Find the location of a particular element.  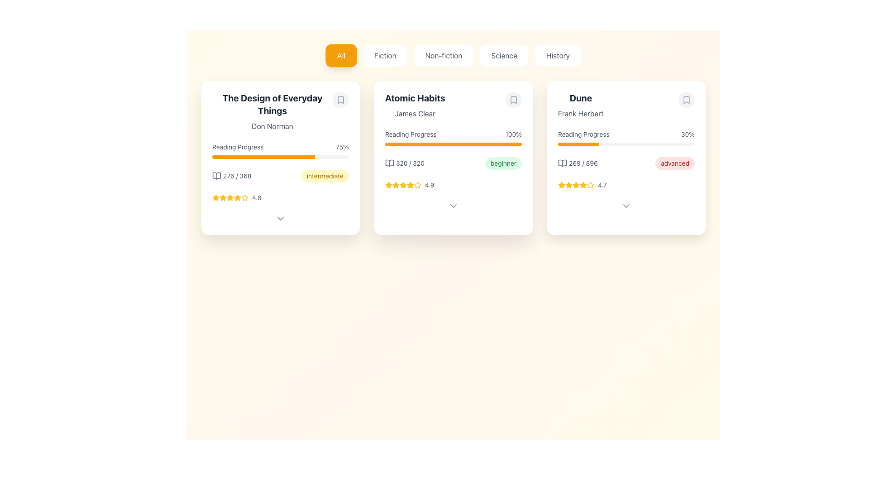

the reading progress is located at coordinates (590, 144).